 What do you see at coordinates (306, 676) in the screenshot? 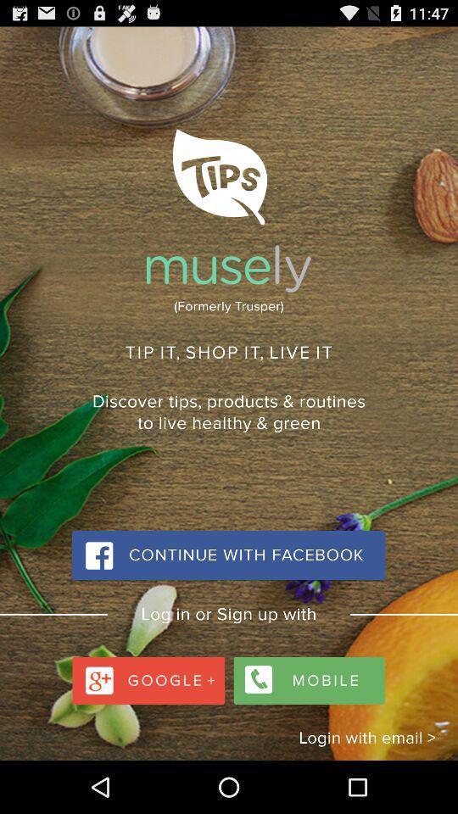
I see `mobile option` at bounding box center [306, 676].